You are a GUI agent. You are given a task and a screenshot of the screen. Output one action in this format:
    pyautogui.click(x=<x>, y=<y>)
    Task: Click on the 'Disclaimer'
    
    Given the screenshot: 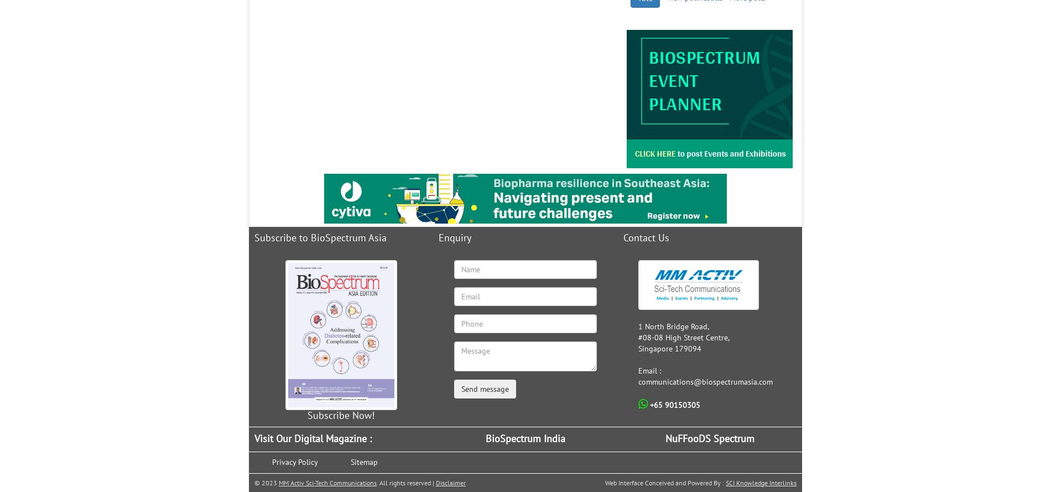 What is the action you would take?
    pyautogui.click(x=450, y=481)
    